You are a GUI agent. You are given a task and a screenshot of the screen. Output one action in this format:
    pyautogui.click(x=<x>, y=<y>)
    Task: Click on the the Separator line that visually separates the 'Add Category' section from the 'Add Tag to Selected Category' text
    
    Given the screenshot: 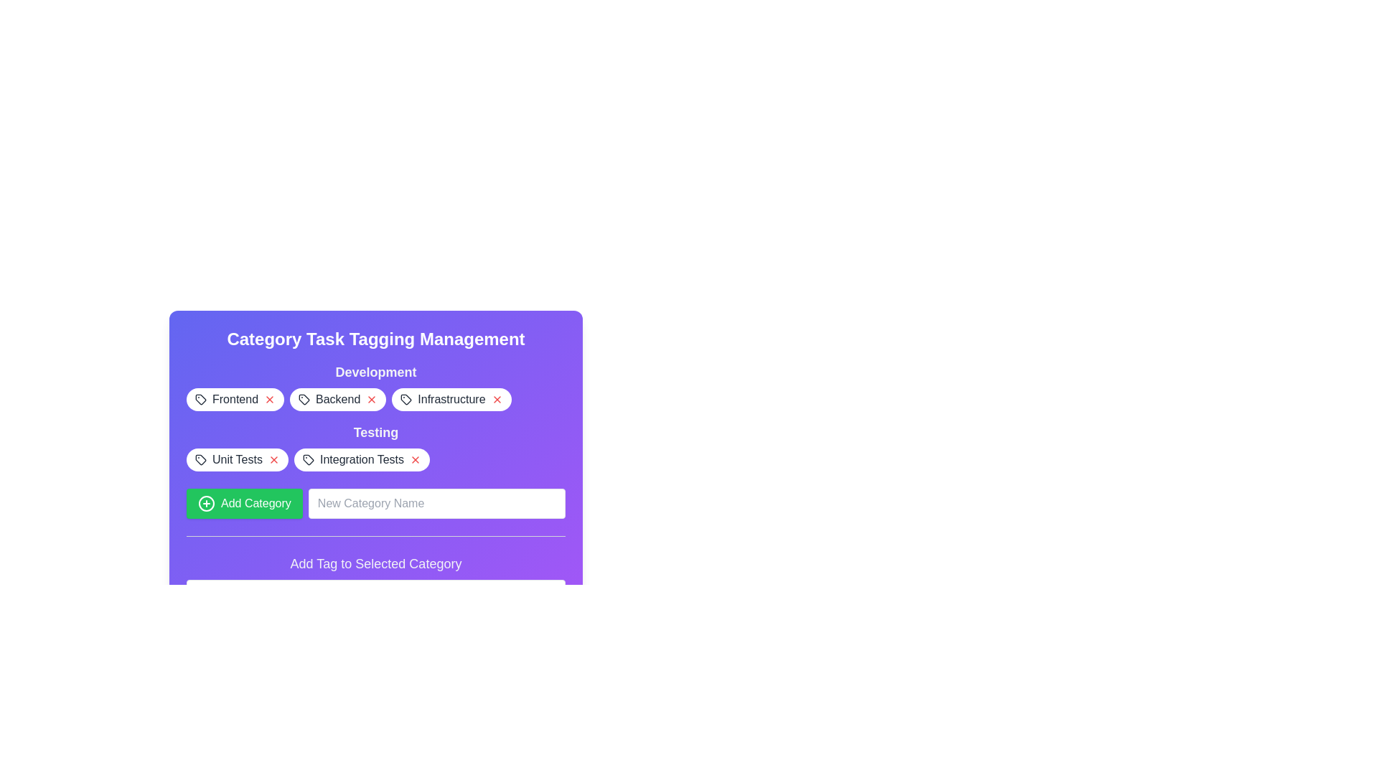 What is the action you would take?
    pyautogui.click(x=375, y=536)
    